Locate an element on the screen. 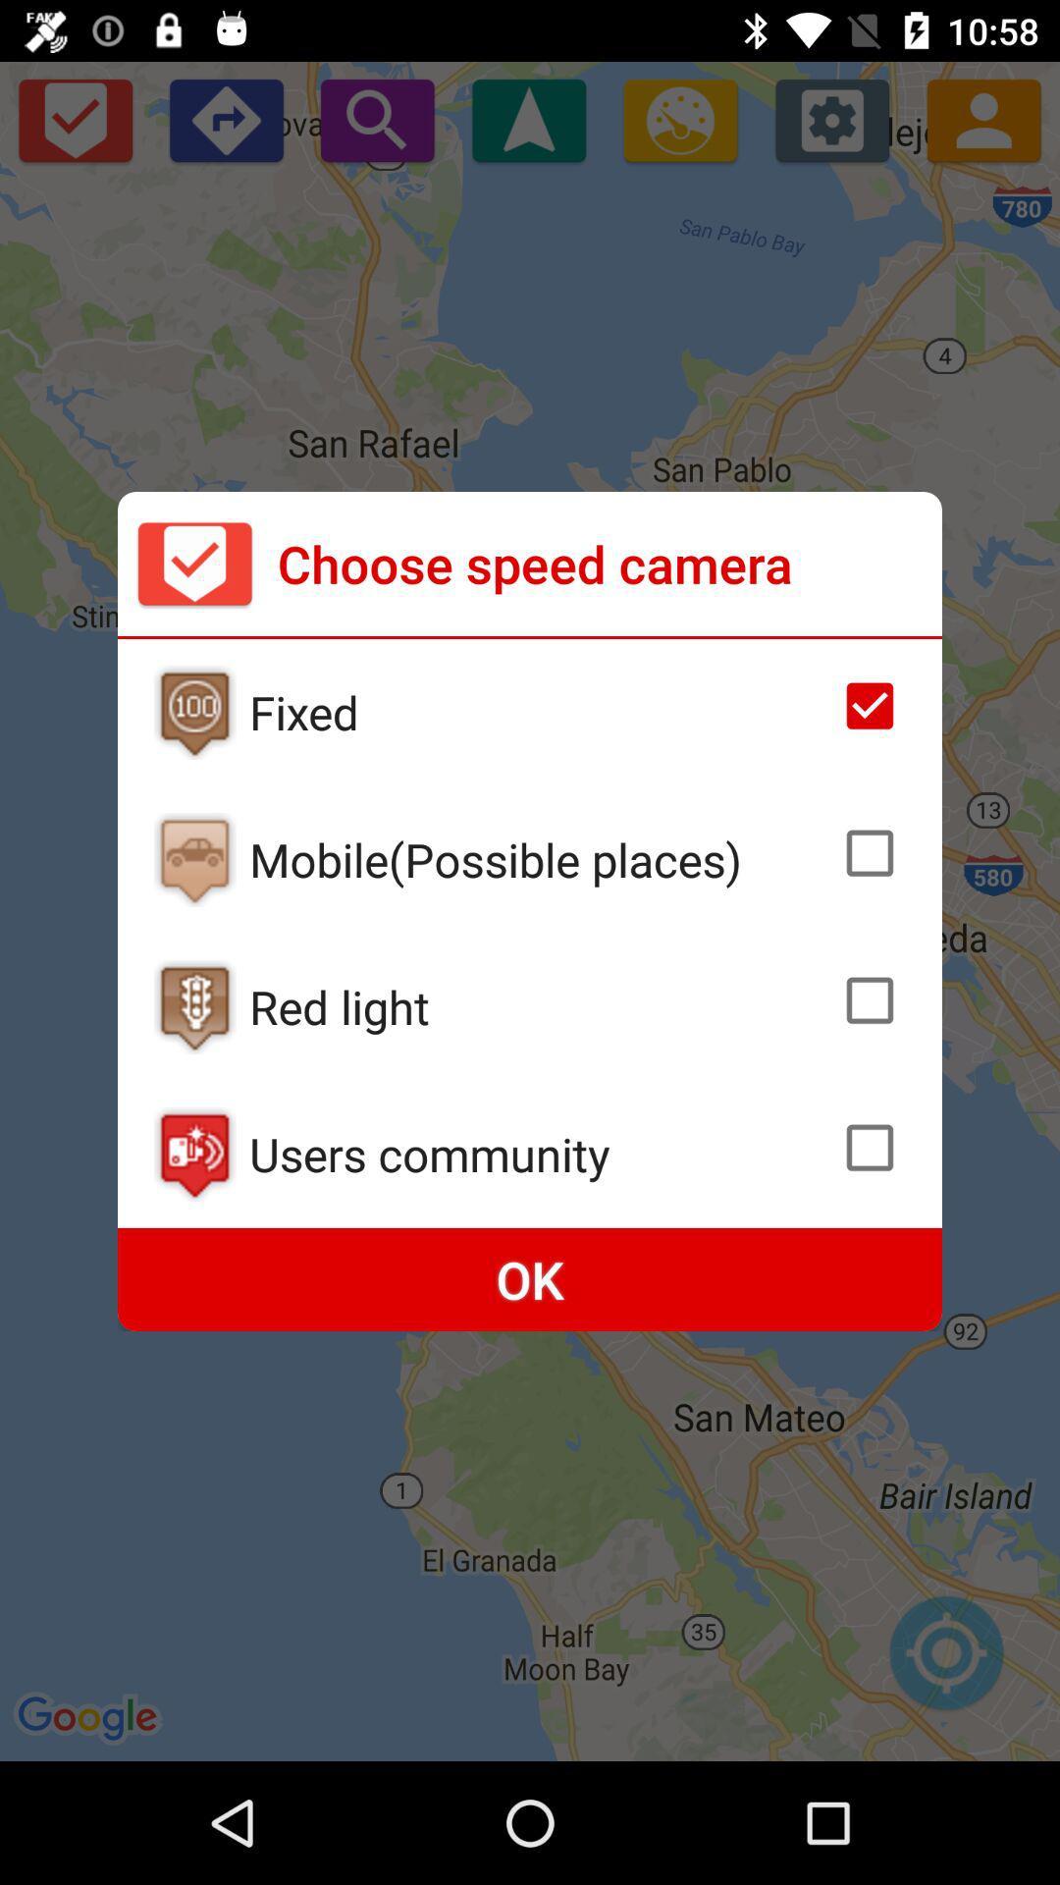  item above ok item is located at coordinates (539, 1154).